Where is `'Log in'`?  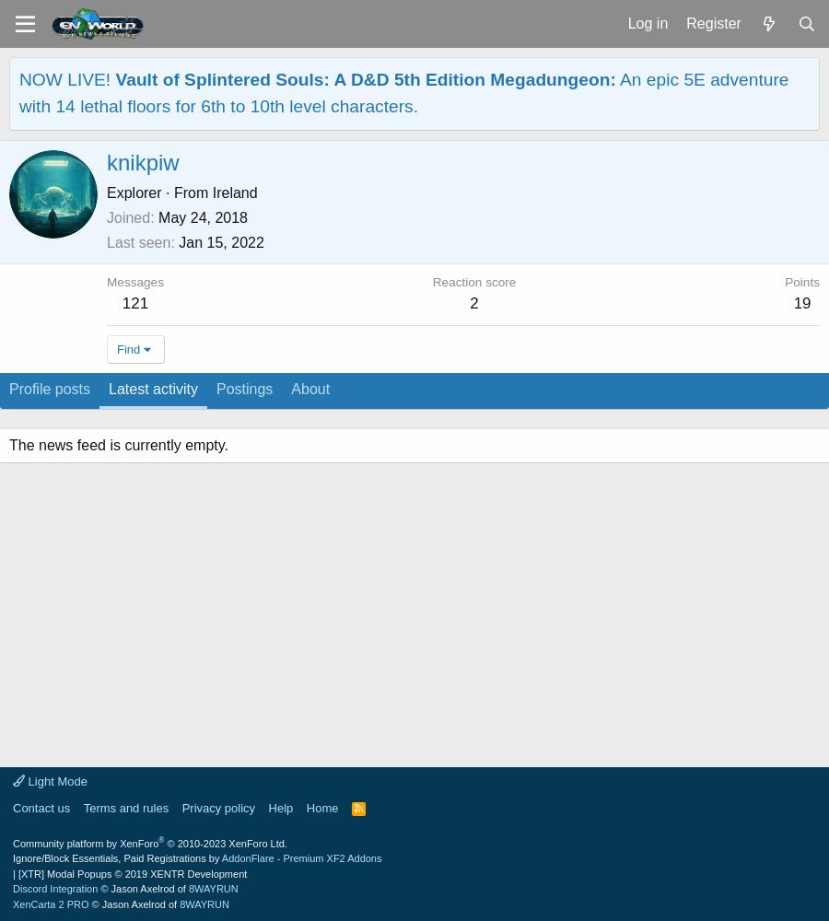
'Log in' is located at coordinates (646, 22).